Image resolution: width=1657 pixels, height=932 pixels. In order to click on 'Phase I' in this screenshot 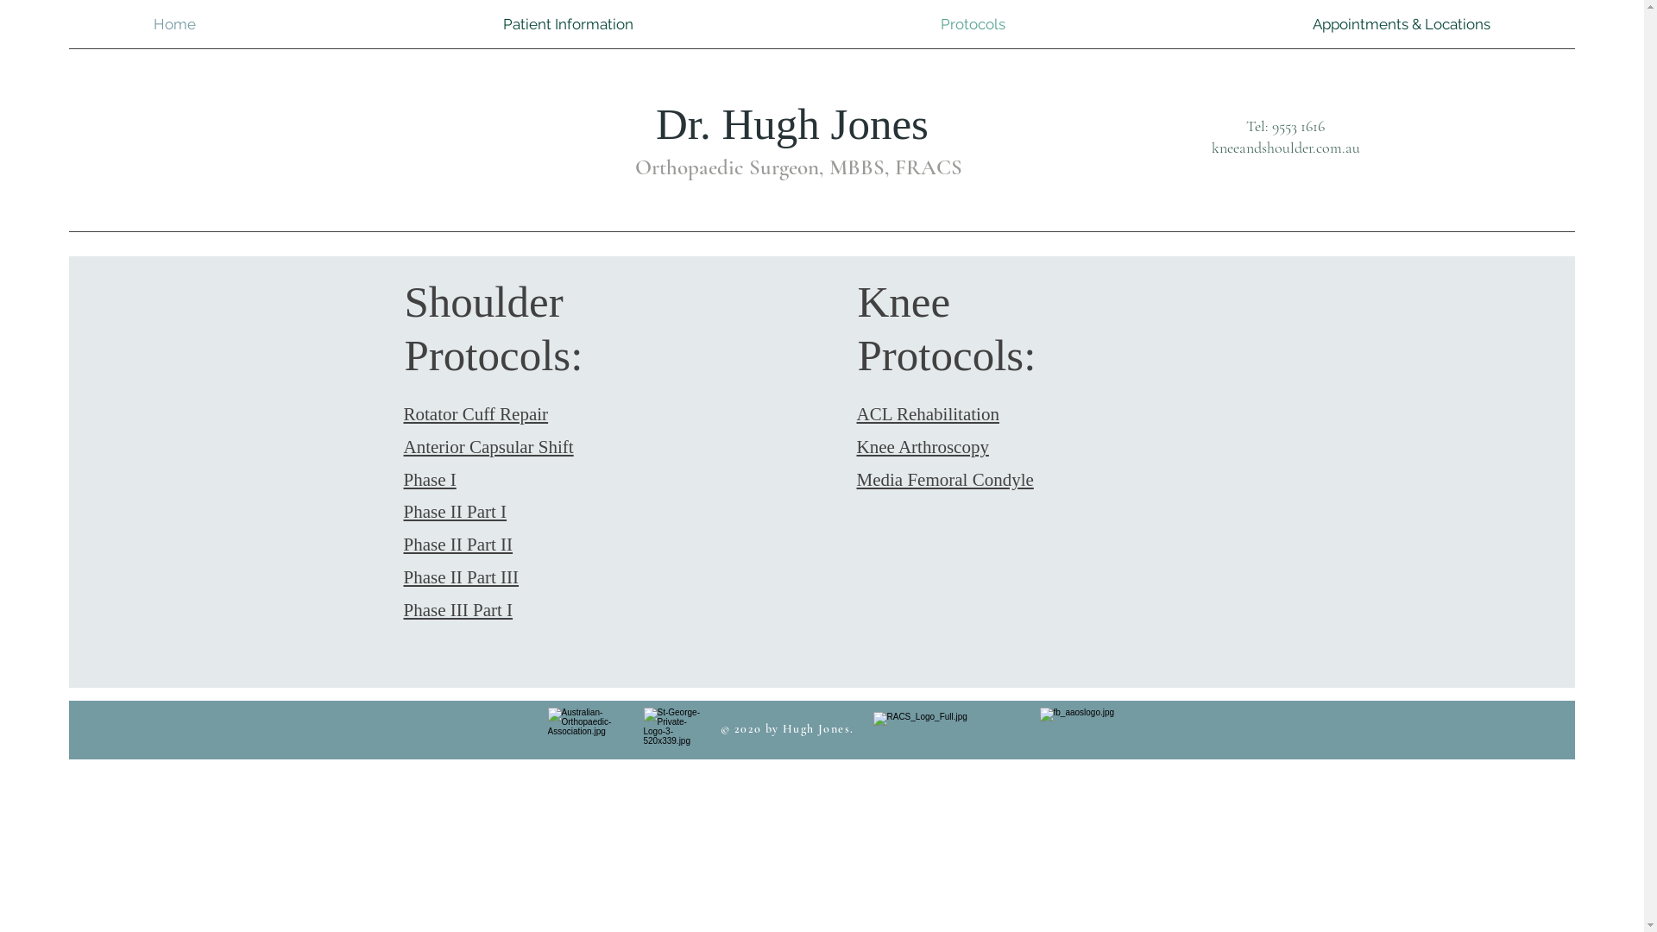, I will do `click(430, 479)`.